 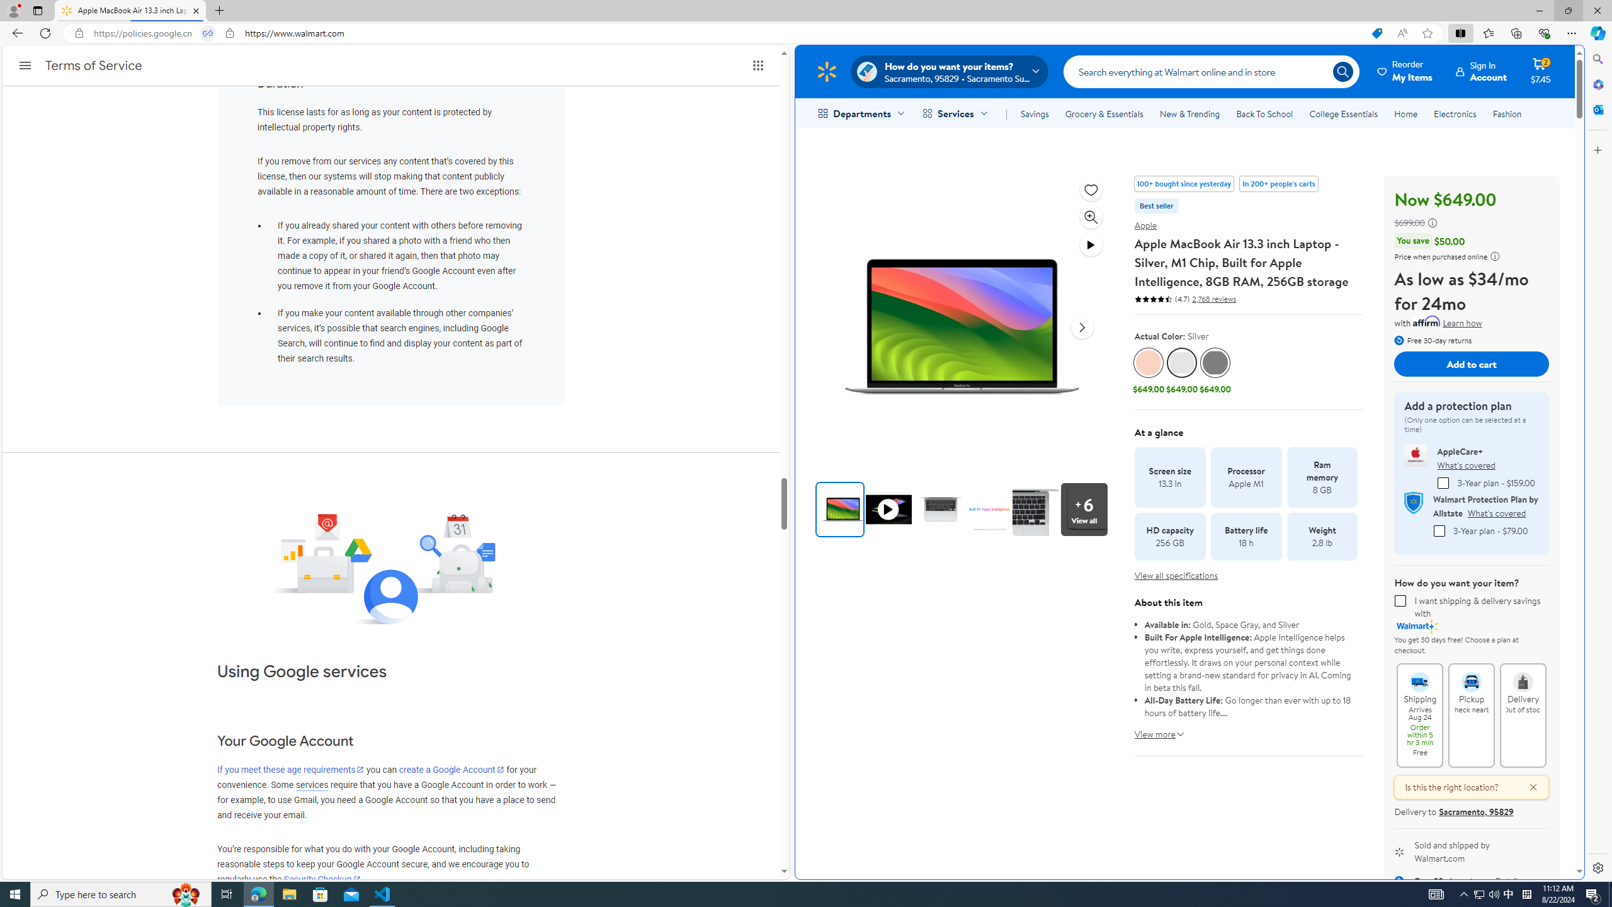 I want to click on 'Free 30-day returns', so click(x=1432, y=339).